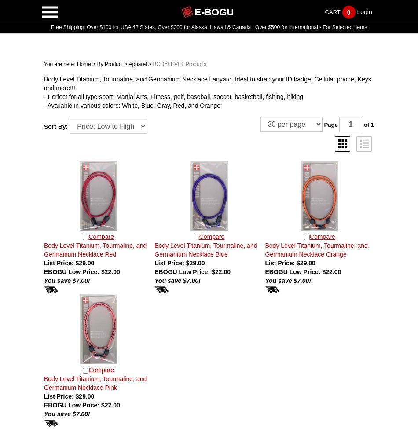 The width and height of the screenshot is (418, 440). I want to click on 'Page', so click(331, 124).